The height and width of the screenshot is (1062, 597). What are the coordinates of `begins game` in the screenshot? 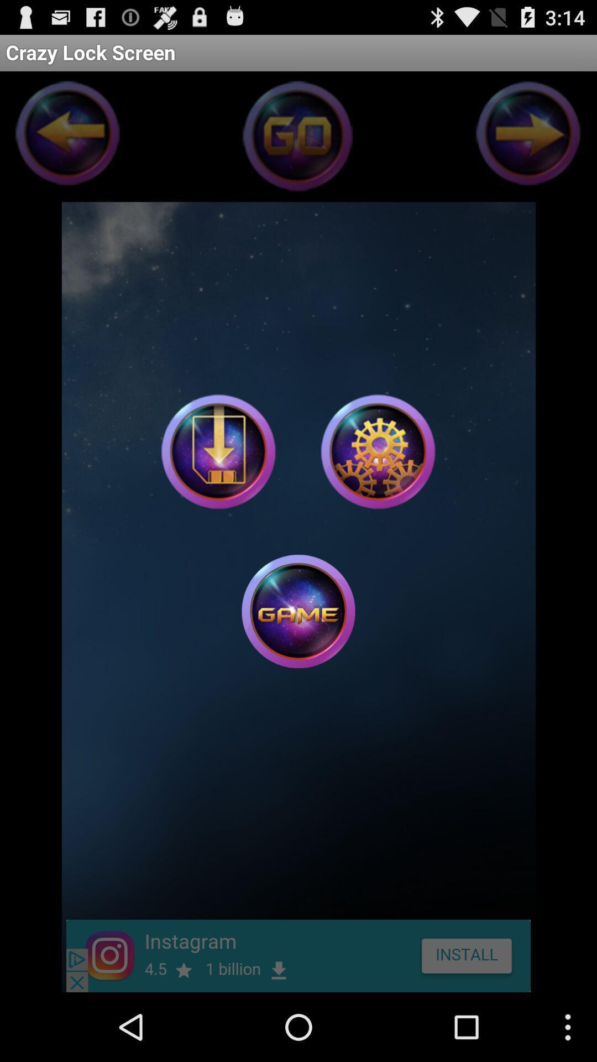 It's located at (298, 611).